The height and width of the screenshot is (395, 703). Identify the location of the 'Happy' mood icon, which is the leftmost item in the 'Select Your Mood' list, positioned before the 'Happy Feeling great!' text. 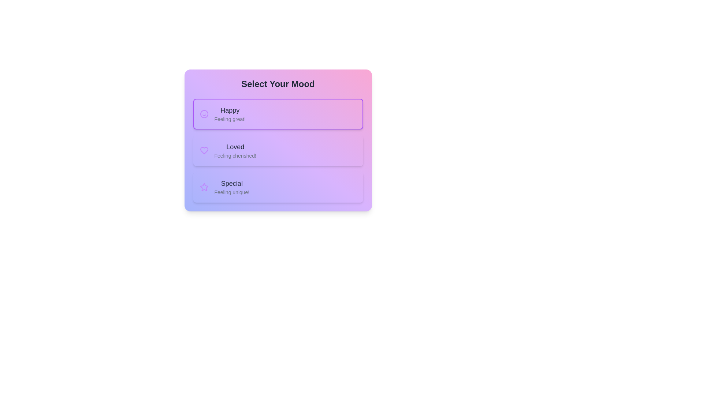
(204, 114).